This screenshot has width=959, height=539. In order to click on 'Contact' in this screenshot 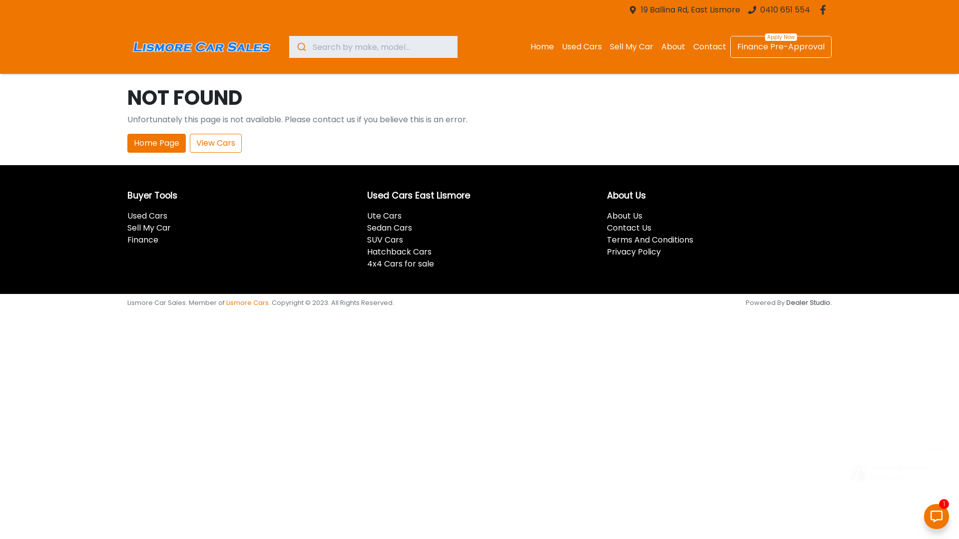, I will do `click(689, 46)`.